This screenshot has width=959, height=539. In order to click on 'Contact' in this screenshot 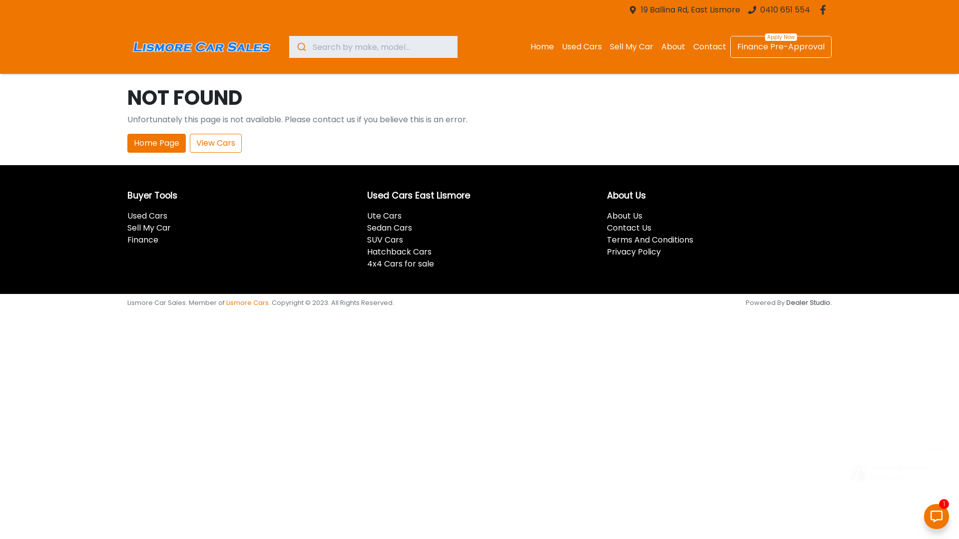, I will do `click(689, 46)`.